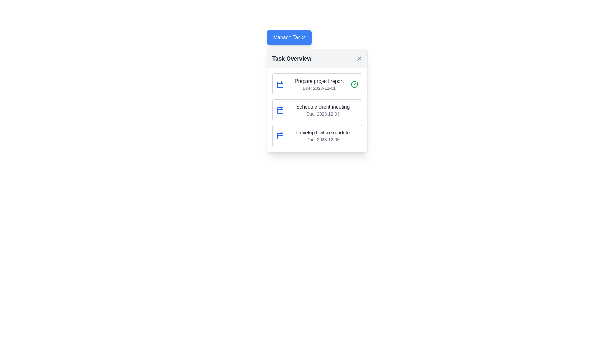 Image resolution: width=604 pixels, height=339 pixels. What do you see at coordinates (323, 114) in the screenshot?
I see `due date value displayed in the text label located below the title text 'Schedule client meeting' in the second task entry of the 'Task Overview' card` at bounding box center [323, 114].